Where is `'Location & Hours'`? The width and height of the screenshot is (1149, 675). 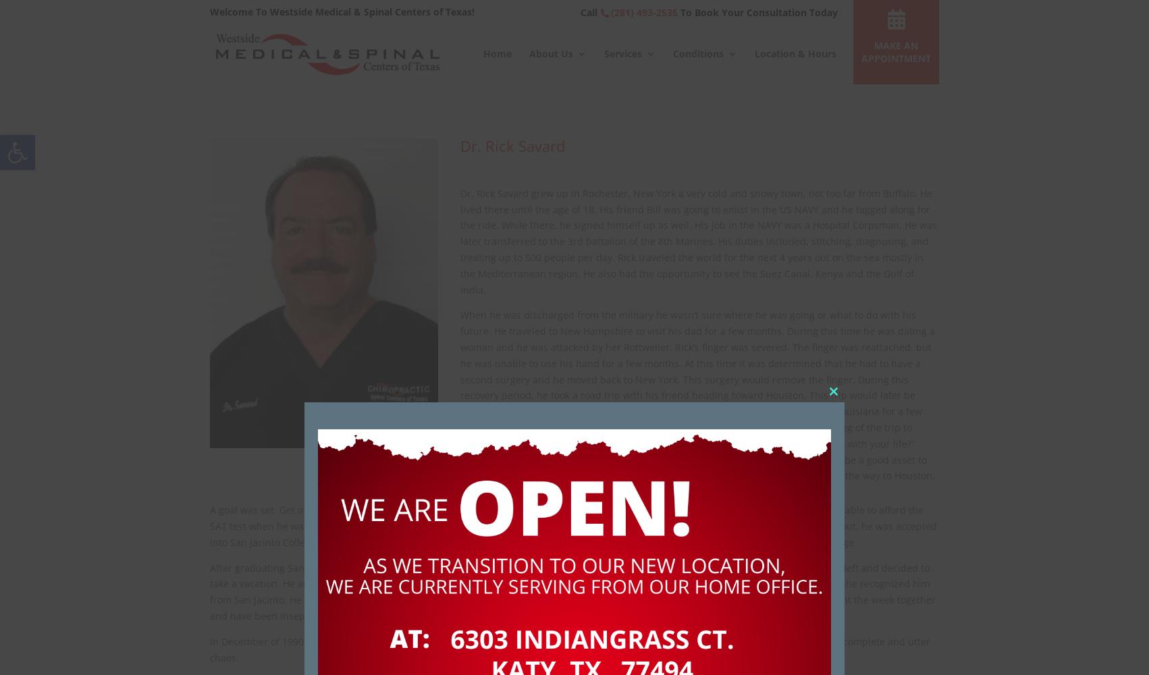
'Location & Hours' is located at coordinates (754, 53).